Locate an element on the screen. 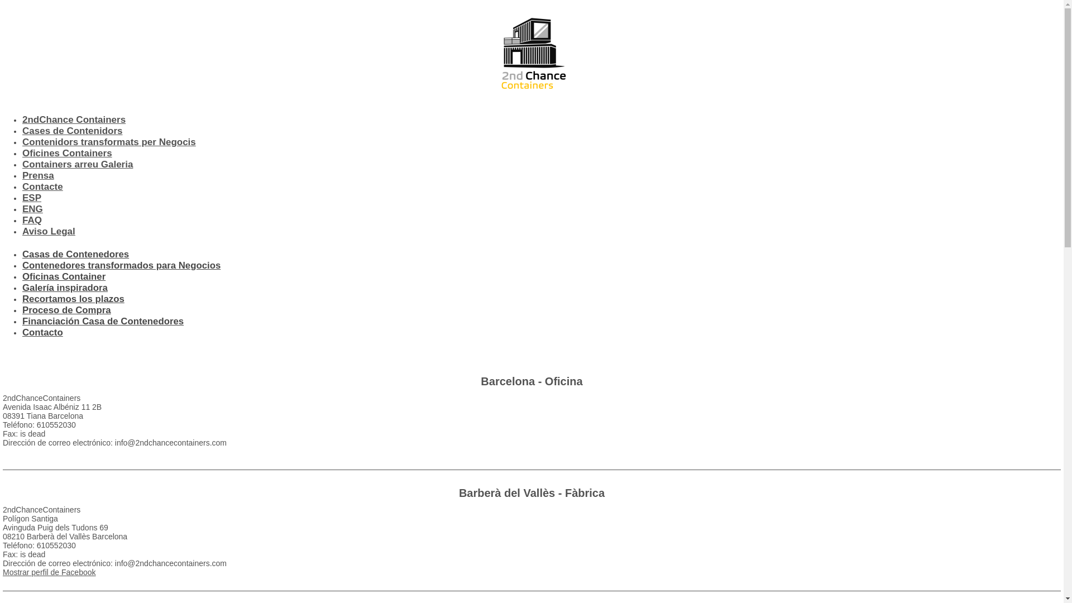  'Mostrar perfil de Facebook' is located at coordinates (49, 572).